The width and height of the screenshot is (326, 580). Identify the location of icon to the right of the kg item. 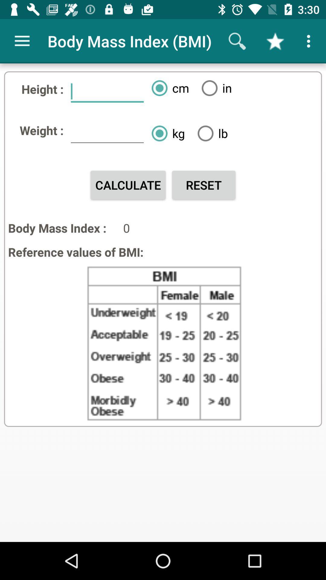
(210, 133).